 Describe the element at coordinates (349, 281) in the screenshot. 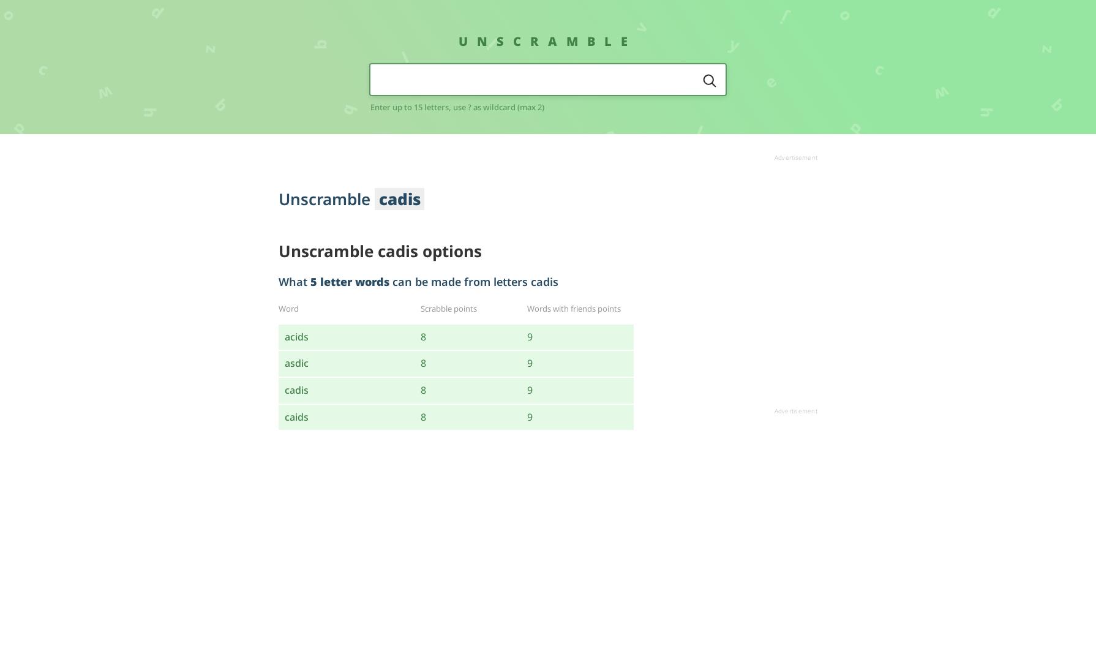

I see `'5 letter words'` at that location.